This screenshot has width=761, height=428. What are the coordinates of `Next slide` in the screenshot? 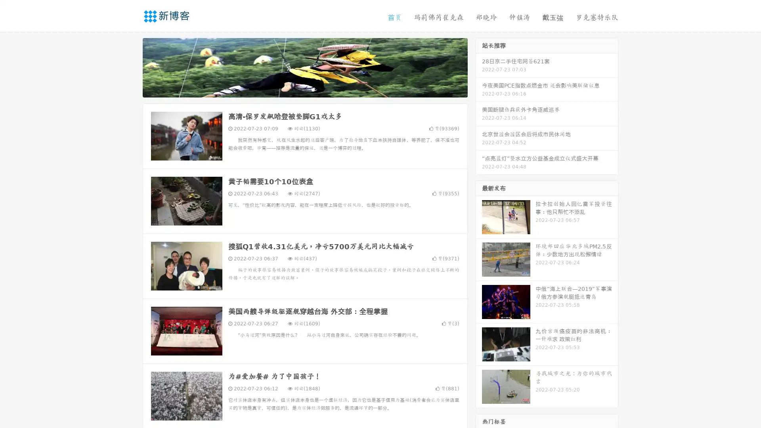 It's located at (479, 67).